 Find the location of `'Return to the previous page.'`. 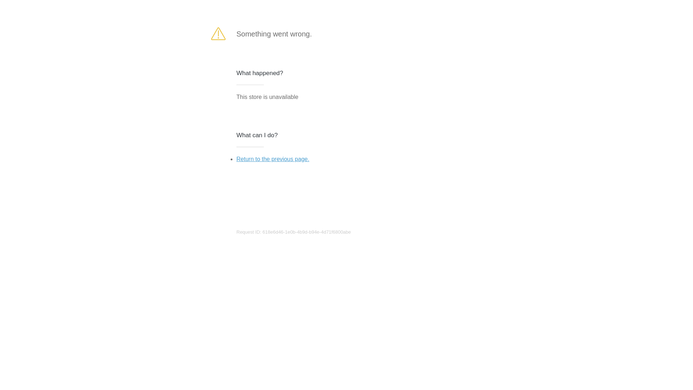

'Return to the previous page.' is located at coordinates (236, 159).